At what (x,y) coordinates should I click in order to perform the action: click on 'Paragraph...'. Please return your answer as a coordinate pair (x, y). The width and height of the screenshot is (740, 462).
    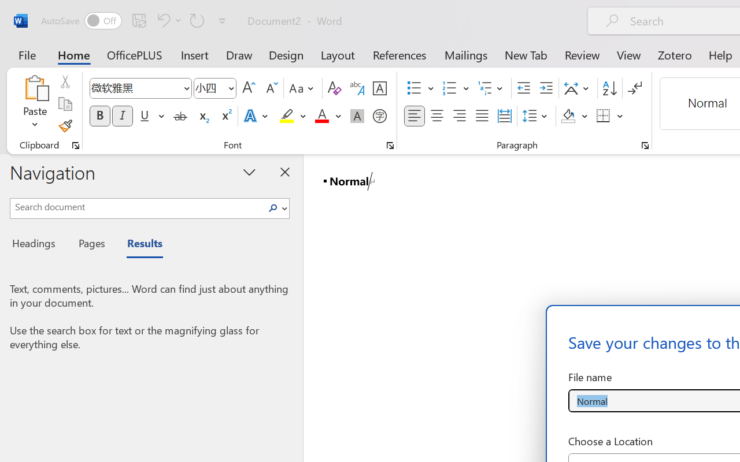
    Looking at the image, I should click on (644, 145).